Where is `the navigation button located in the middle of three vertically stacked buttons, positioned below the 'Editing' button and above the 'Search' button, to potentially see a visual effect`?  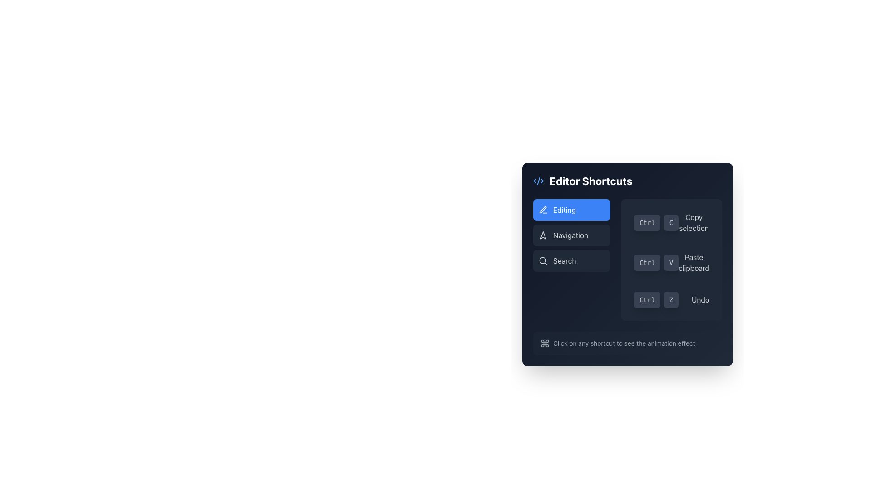 the navigation button located in the middle of three vertically stacked buttons, positioned below the 'Editing' button and above the 'Search' button, to potentially see a visual effect is located at coordinates (571, 235).